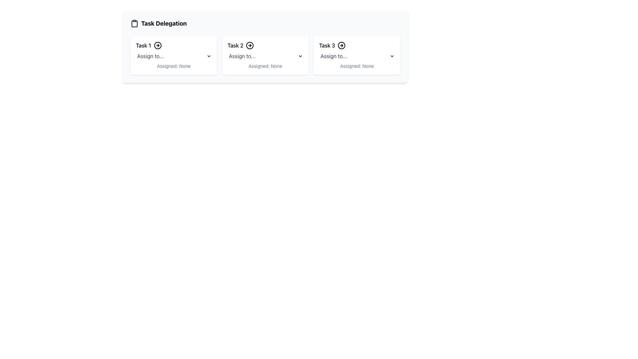 This screenshot has width=638, height=359. I want to click on the circular visual component within the icon of the second task card titled 'Task 2' in the Task Delegation section, so click(250, 45).